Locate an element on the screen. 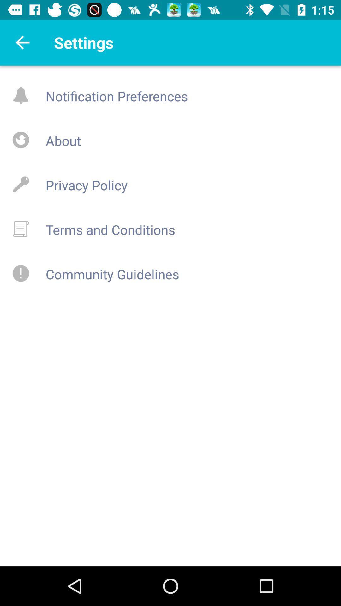 The width and height of the screenshot is (341, 606). back is located at coordinates (22, 42).